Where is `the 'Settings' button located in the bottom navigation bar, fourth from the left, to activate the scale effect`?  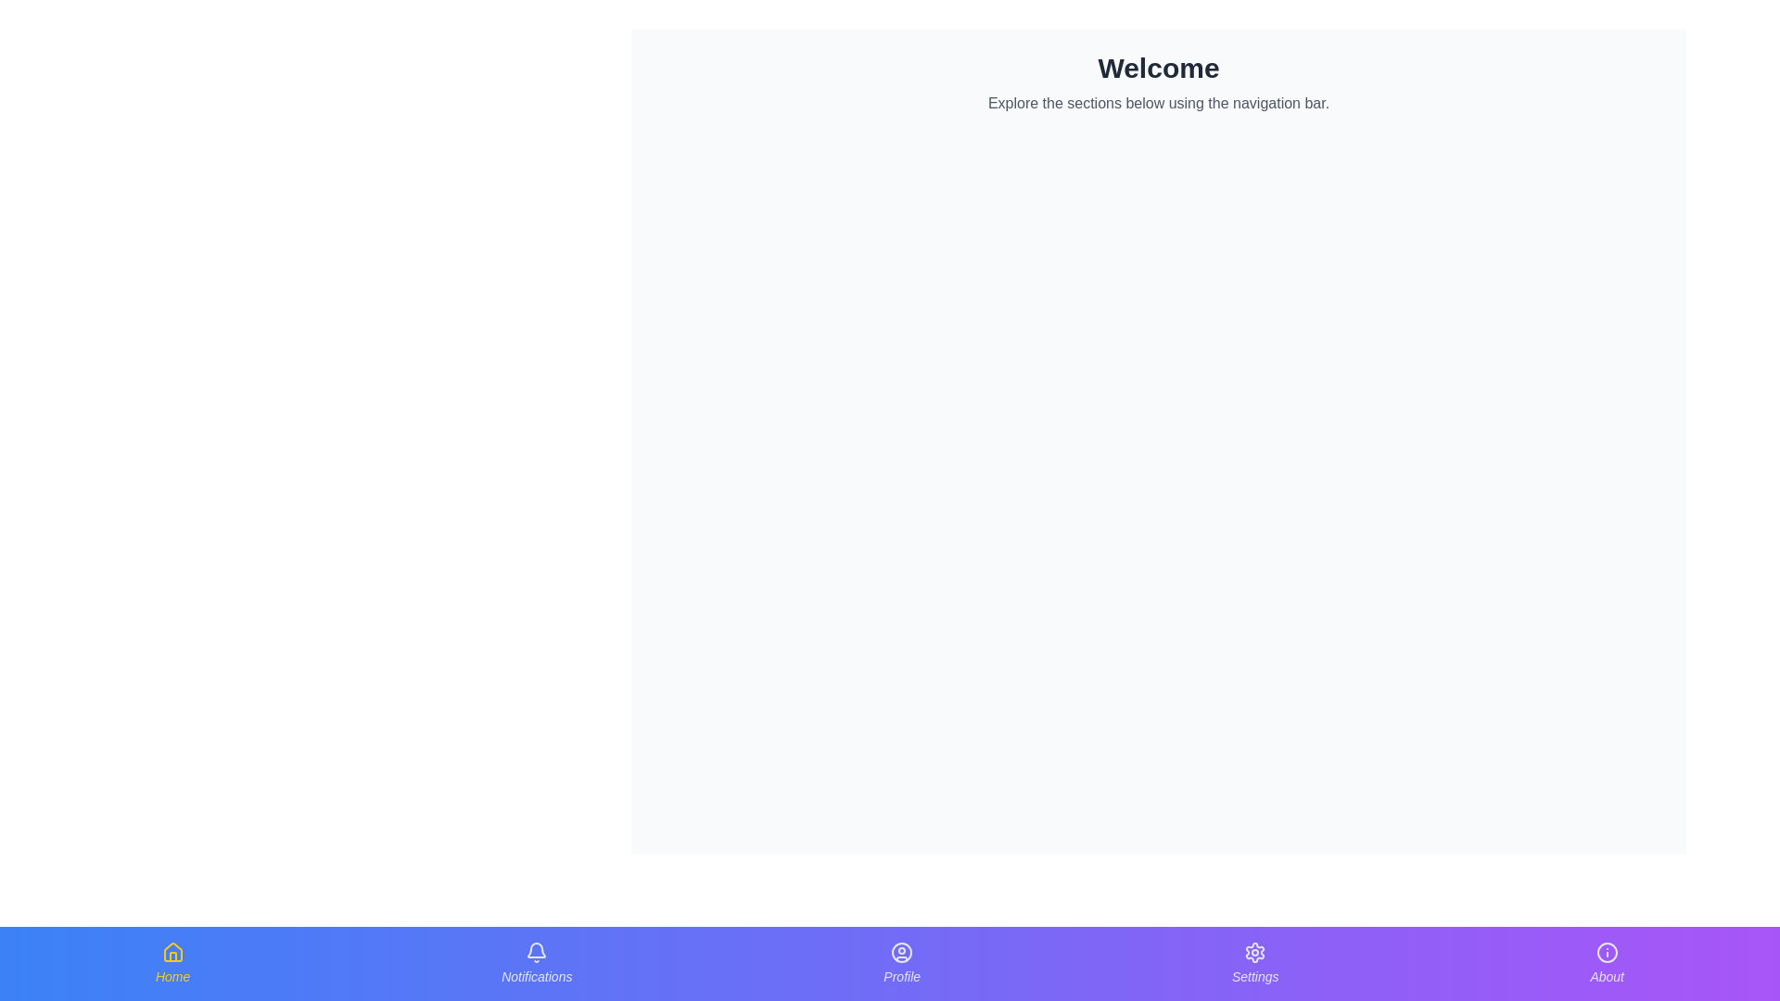
the 'Settings' button located in the bottom navigation bar, fourth from the left, to activate the scale effect is located at coordinates (1255, 963).